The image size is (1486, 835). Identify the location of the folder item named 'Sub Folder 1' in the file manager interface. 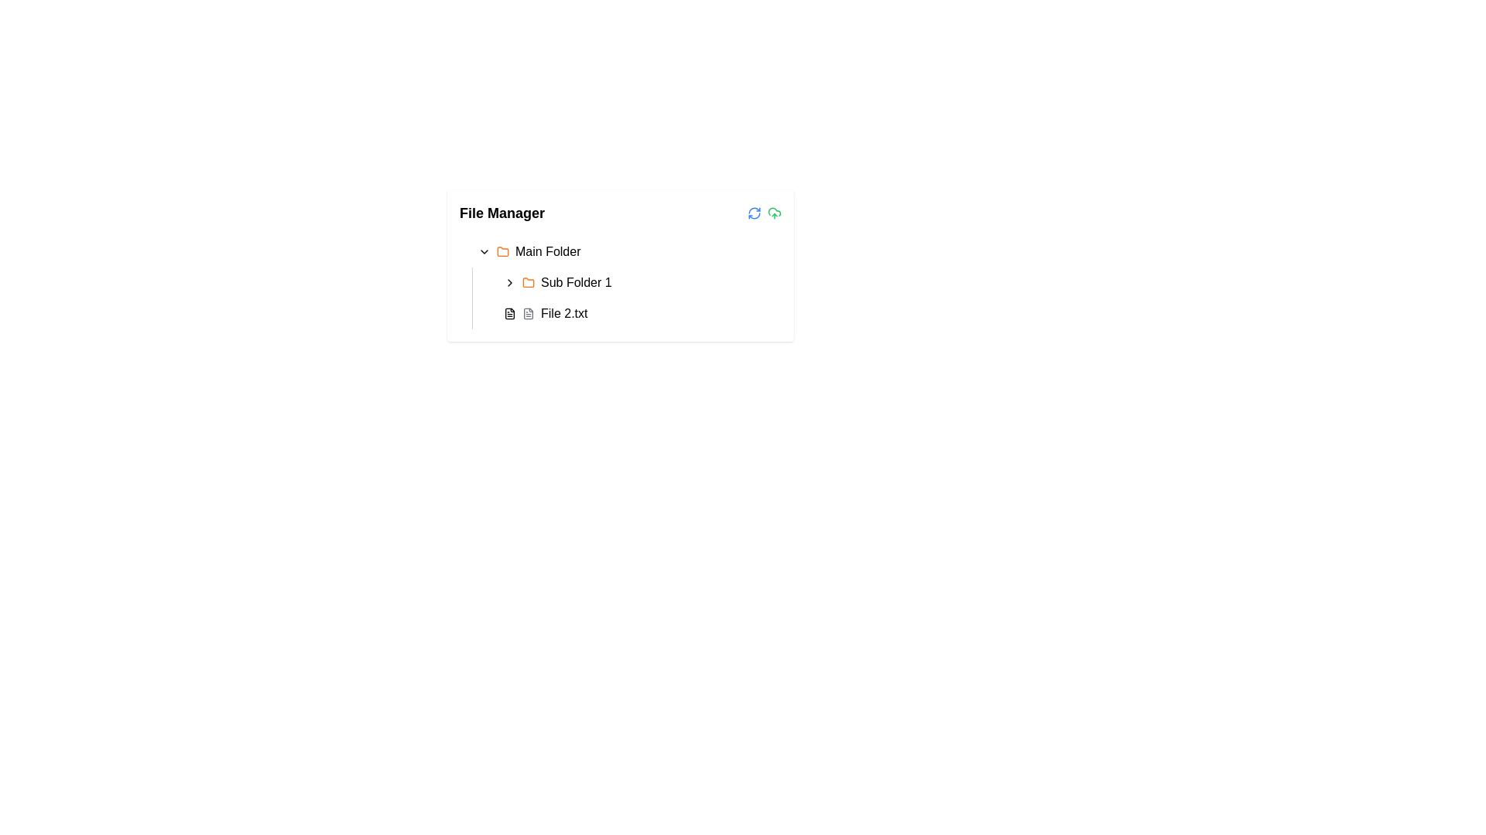
(633, 283).